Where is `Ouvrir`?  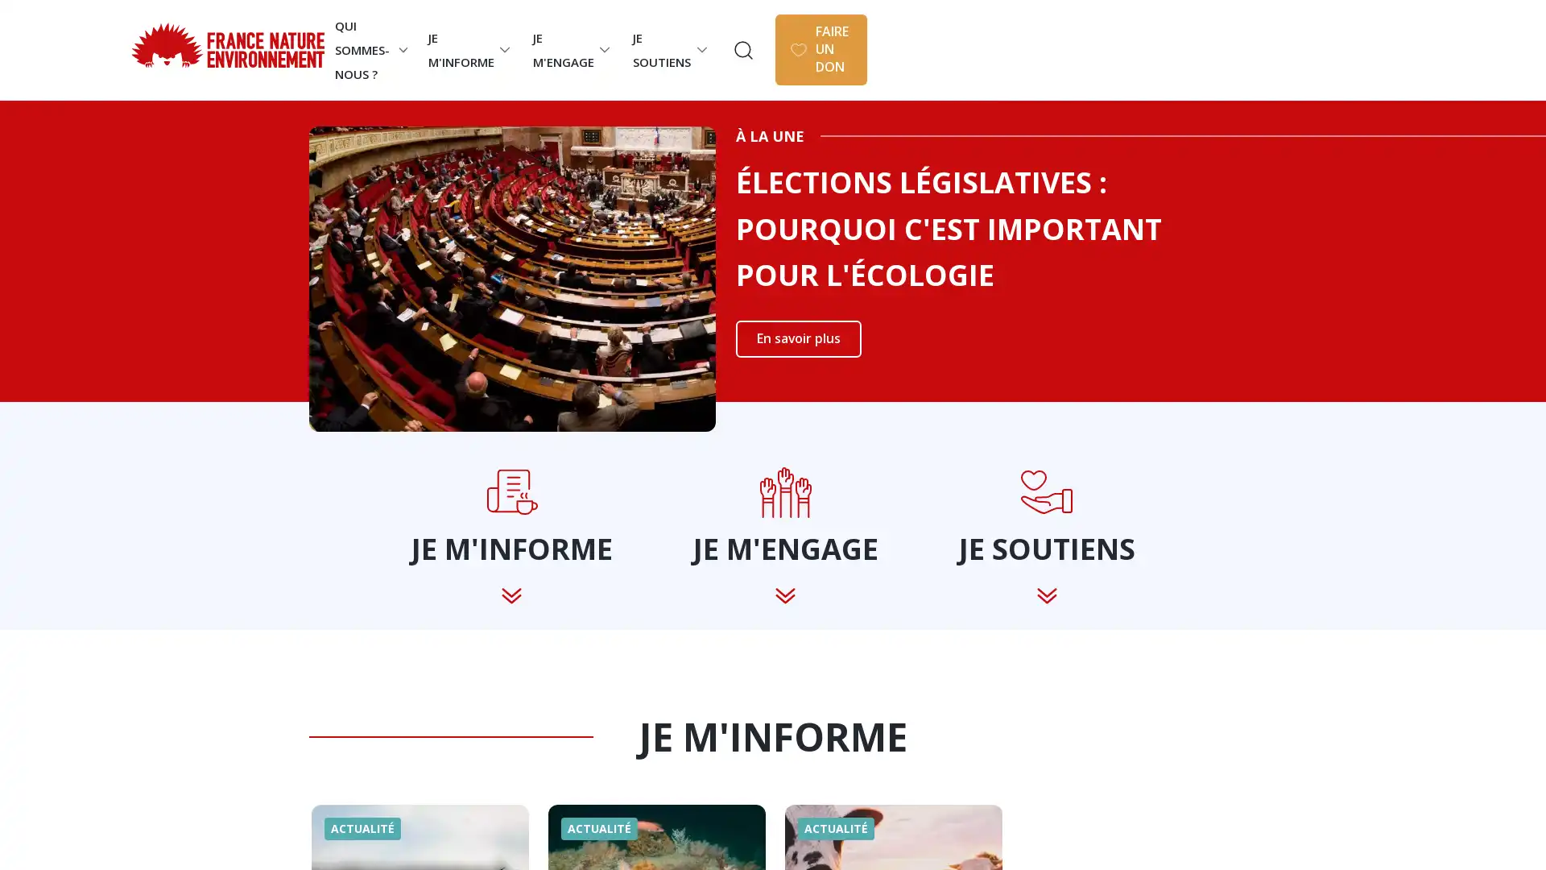
Ouvrir is located at coordinates (1063, 48).